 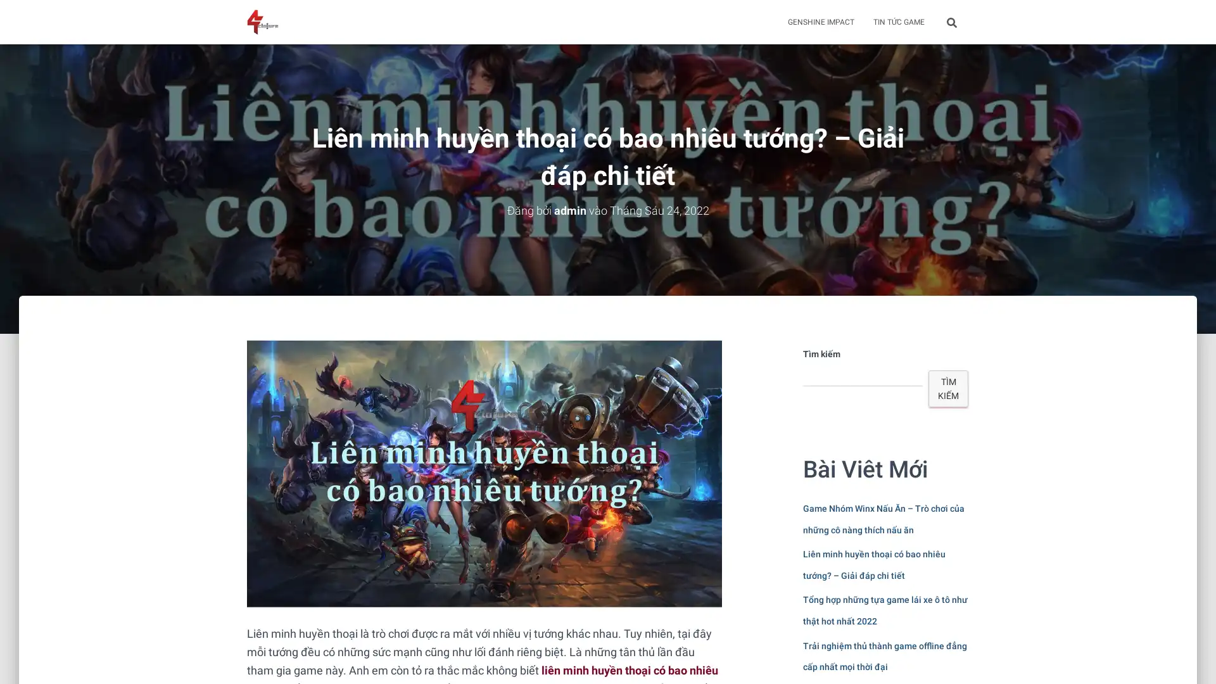 What do you see at coordinates (948, 388) in the screenshot?
I see `TIM KIEM` at bounding box center [948, 388].